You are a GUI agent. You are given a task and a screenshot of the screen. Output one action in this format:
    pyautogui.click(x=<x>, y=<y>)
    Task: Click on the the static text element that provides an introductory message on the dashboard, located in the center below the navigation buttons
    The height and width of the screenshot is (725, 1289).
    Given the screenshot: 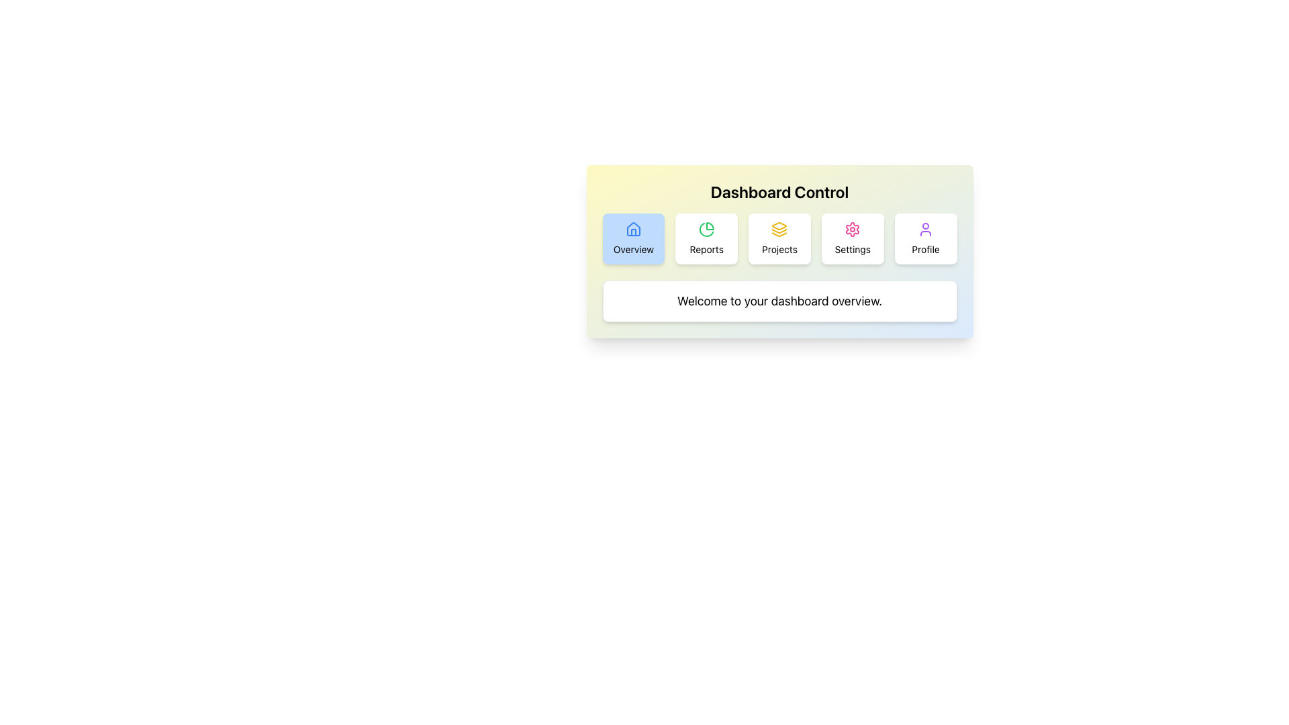 What is the action you would take?
    pyautogui.click(x=779, y=300)
    